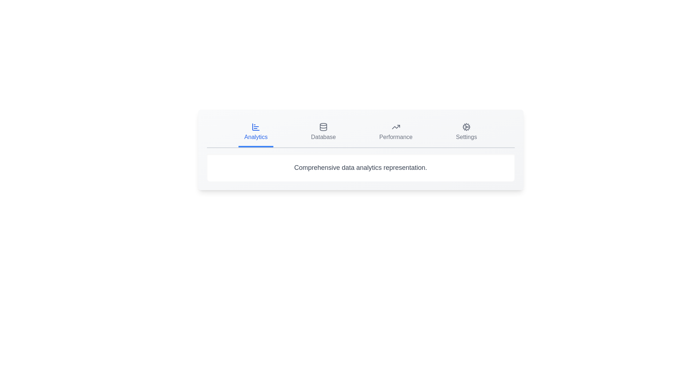  I want to click on the tab with the title Analytics by clicking on it, so click(256, 133).